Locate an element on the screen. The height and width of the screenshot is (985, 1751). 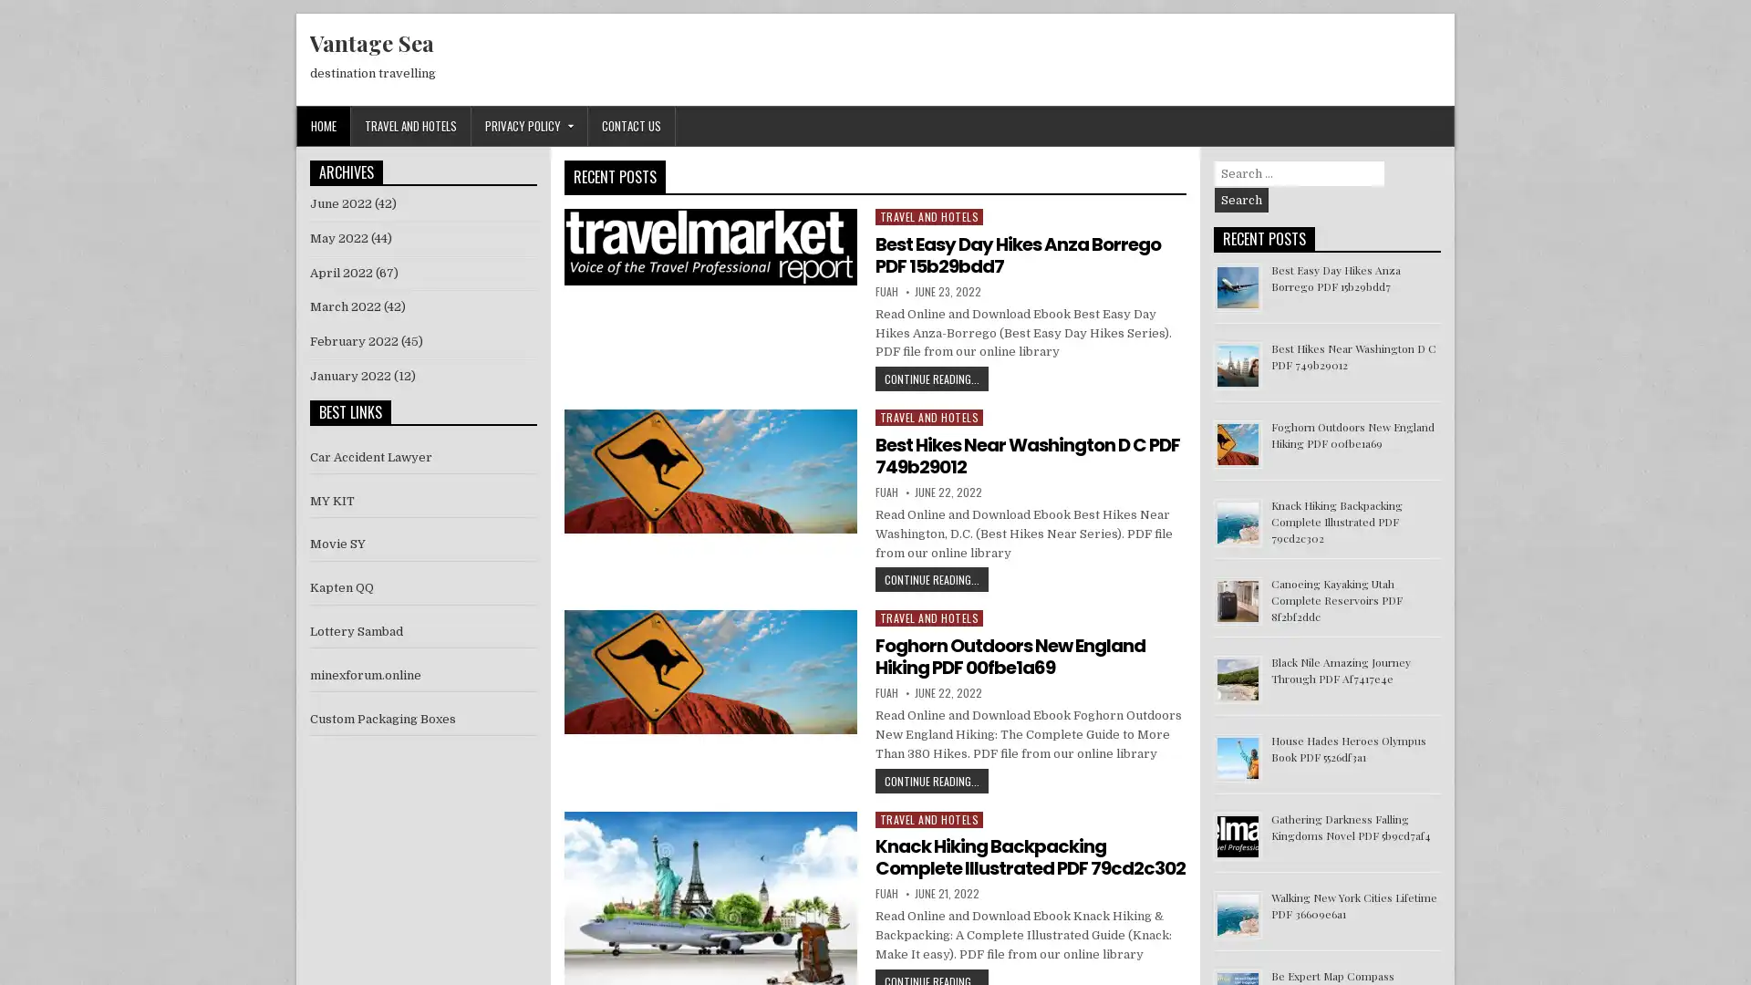
Search is located at coordinates (1240, 200).